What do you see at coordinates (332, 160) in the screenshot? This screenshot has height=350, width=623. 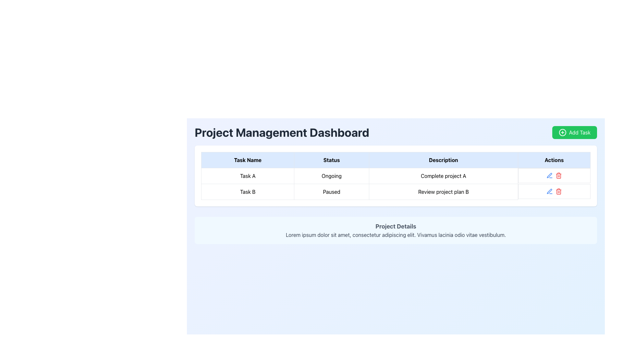 I see `the 'Status' header text label in the table, which is positioned between 'Task Name' and 'Description' in the Project Management Dashboard` at bounding box center [332, 160].